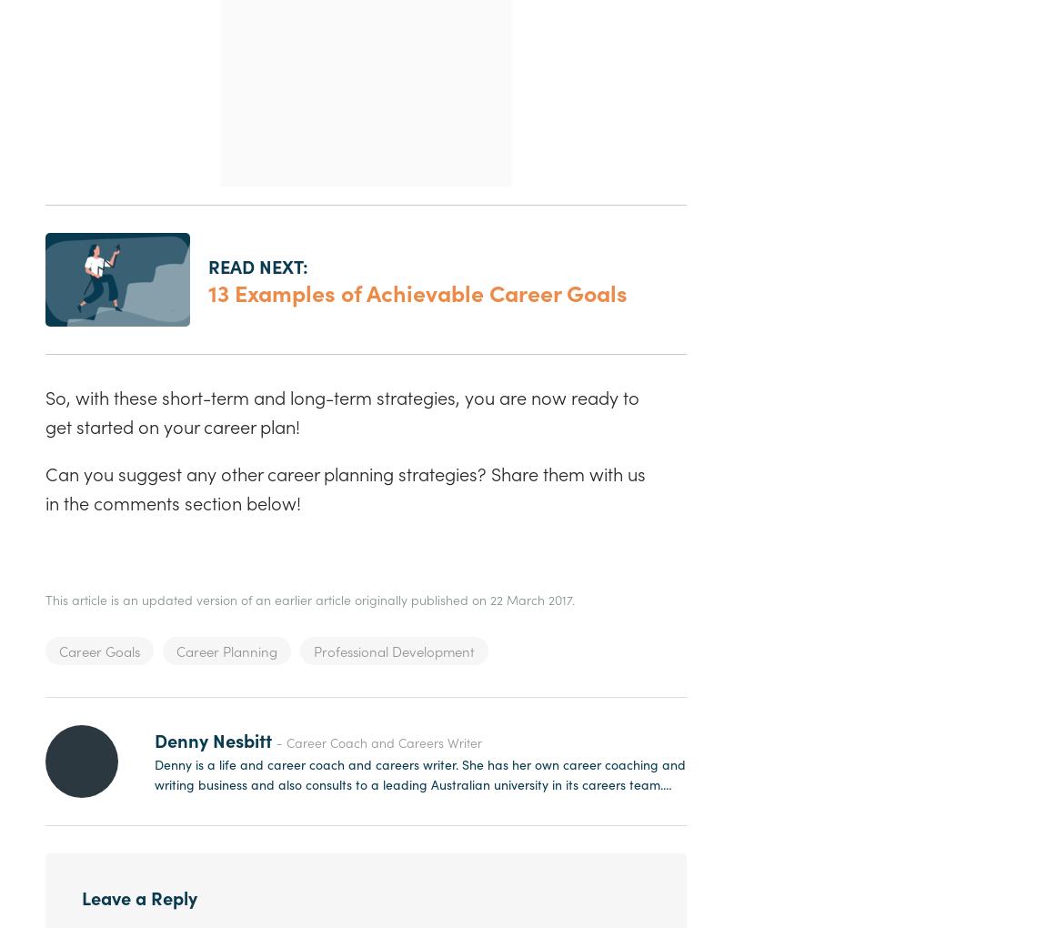 The image size is (1046, 928). What do you see at coordinates (276, 741) in the screenshot?
I see `'- Career Coach and Careers Writer'` at bounding box center [276, 741].